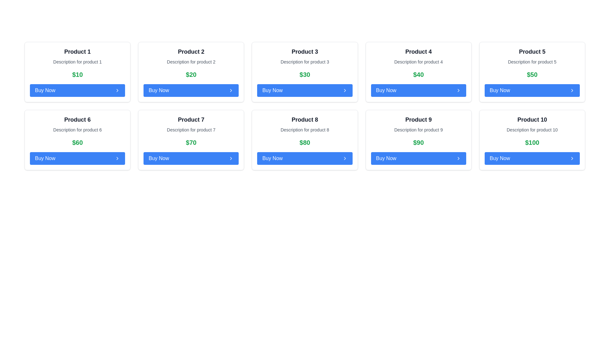  What do you see at coordinates (231, 158) in the screenshot?
I see `the chevron icon located at the bottom-right segment of the 'Buy Now' button for 'Product 7'` at bounding box center [231, 158].